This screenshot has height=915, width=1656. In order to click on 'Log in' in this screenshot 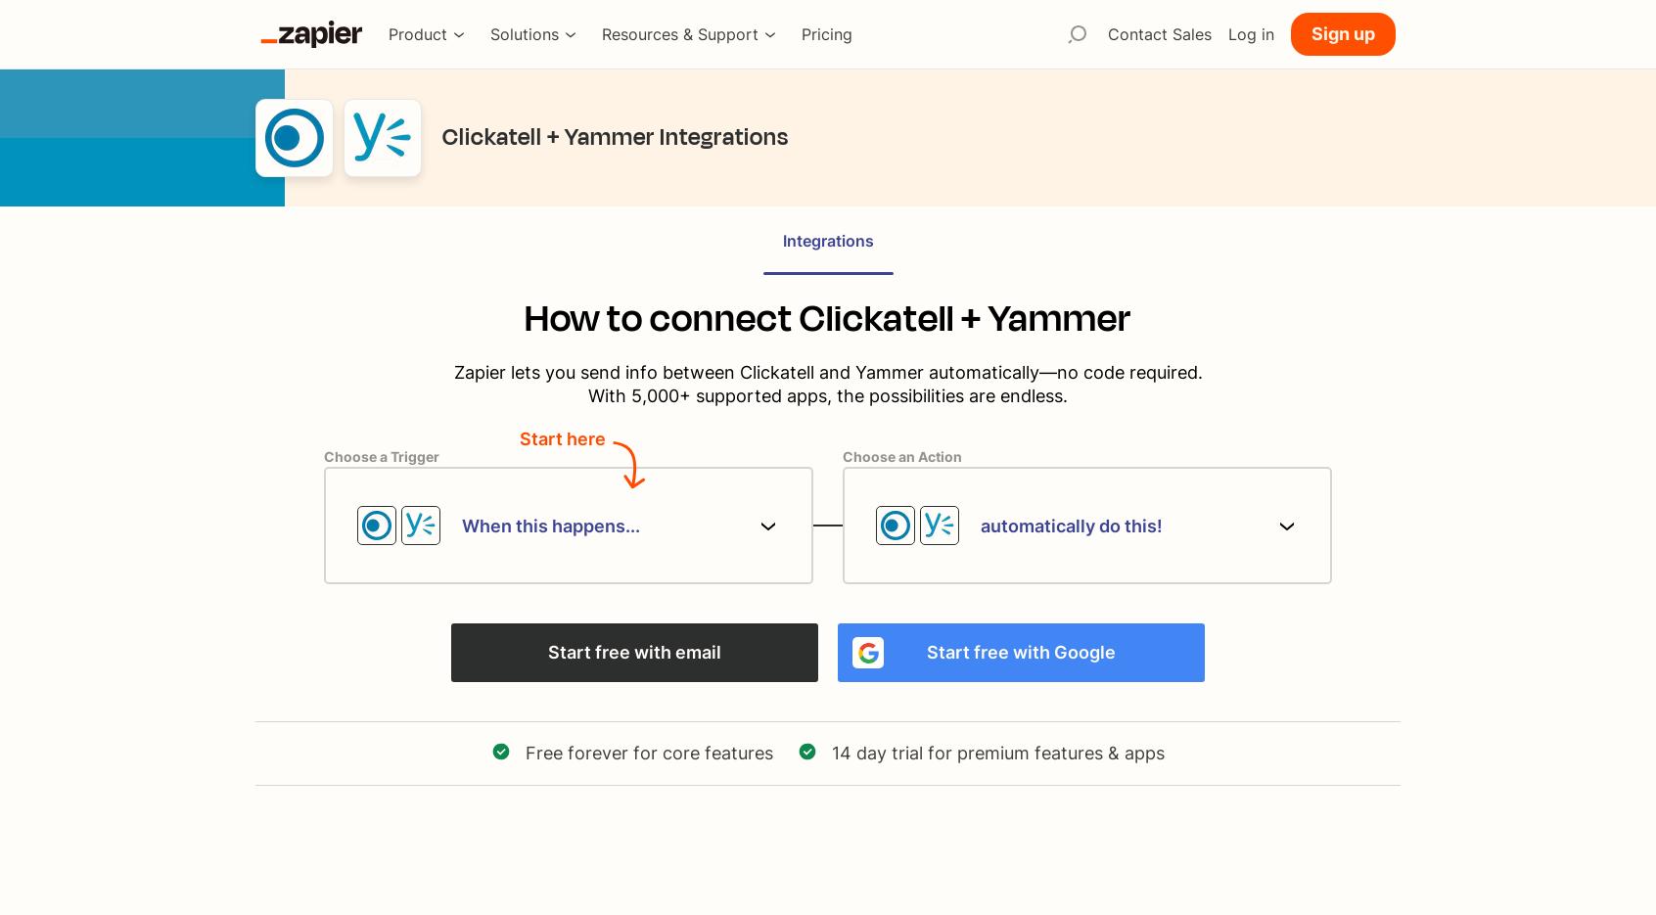, I will do `click(1250, 32)`.